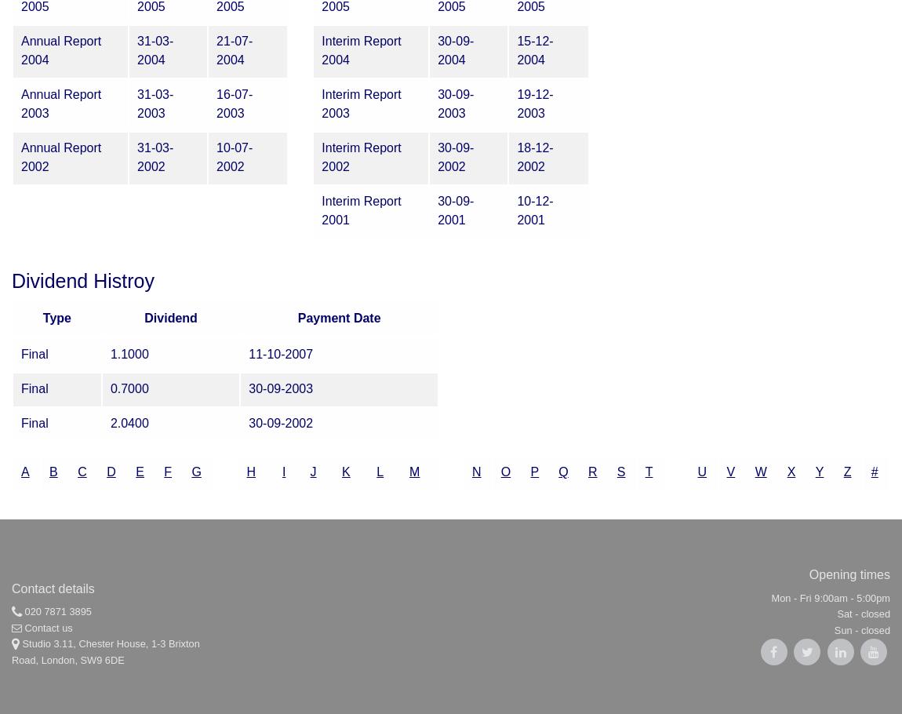  I want to click on '16-07-2003', so click(235, 103).